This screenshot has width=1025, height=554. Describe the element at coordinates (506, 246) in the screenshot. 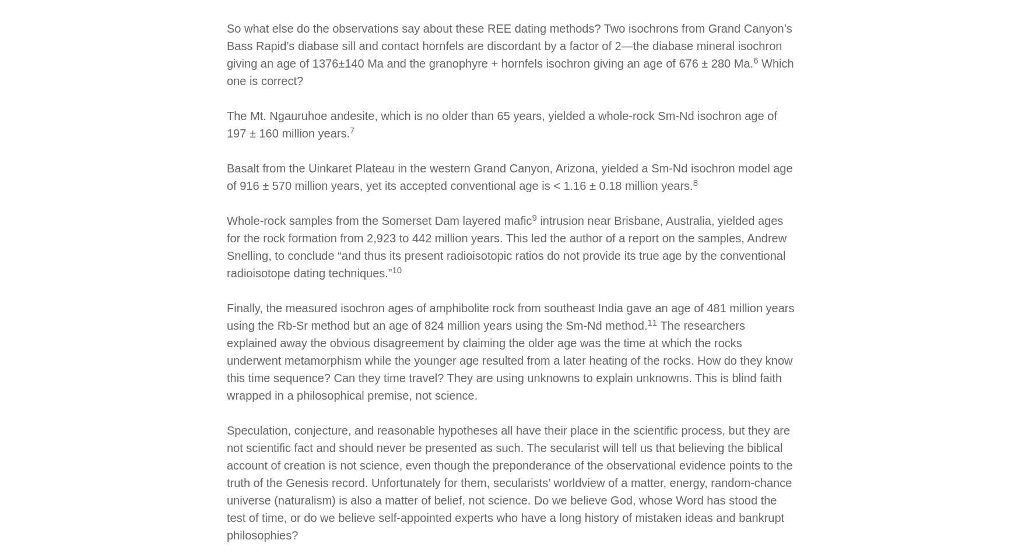

I see `'intrusion near Brisbane, Australia, yielded ages for the rock formation from 2,923 to 442 million years. This led the author of a report on the samples, Andrew Snelling, to conclude “and thus its present radioisotopic ratios do not provide its true age by the conventional radioisotope dating techniques.”'` at that location.